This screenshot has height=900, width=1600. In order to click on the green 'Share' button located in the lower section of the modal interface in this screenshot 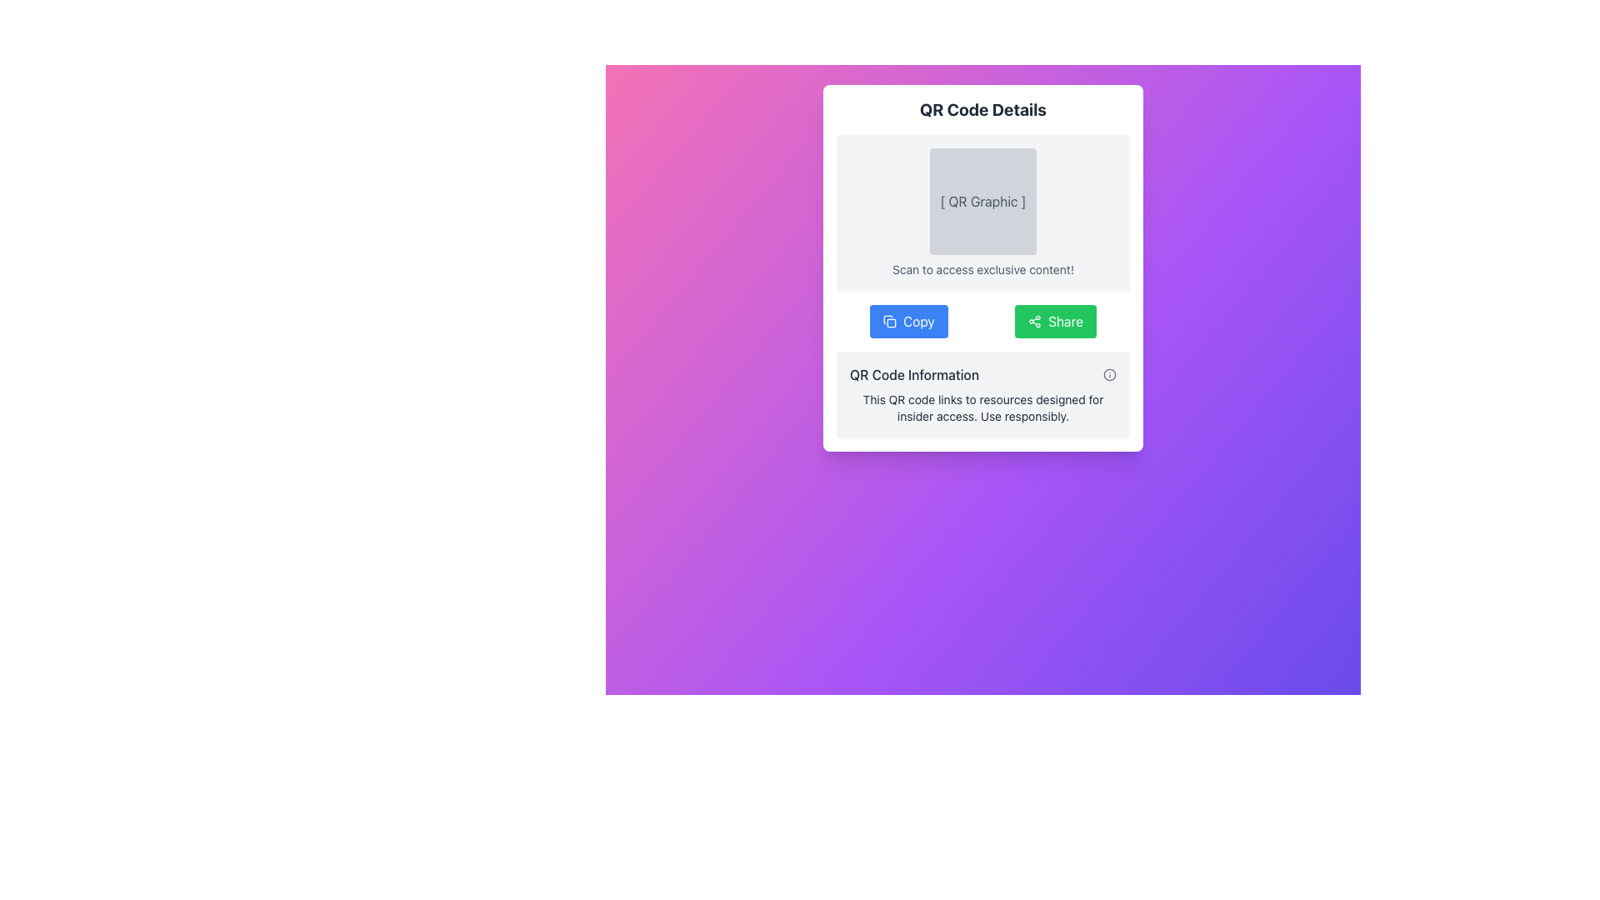, I will do `click(1055, 321)`.